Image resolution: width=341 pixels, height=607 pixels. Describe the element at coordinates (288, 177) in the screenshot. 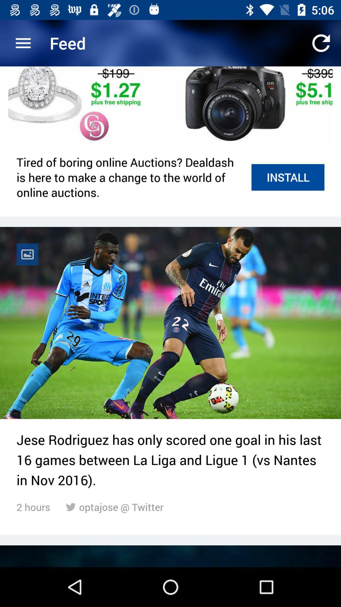

I see `icon next to the tired of boring icon` at that location.